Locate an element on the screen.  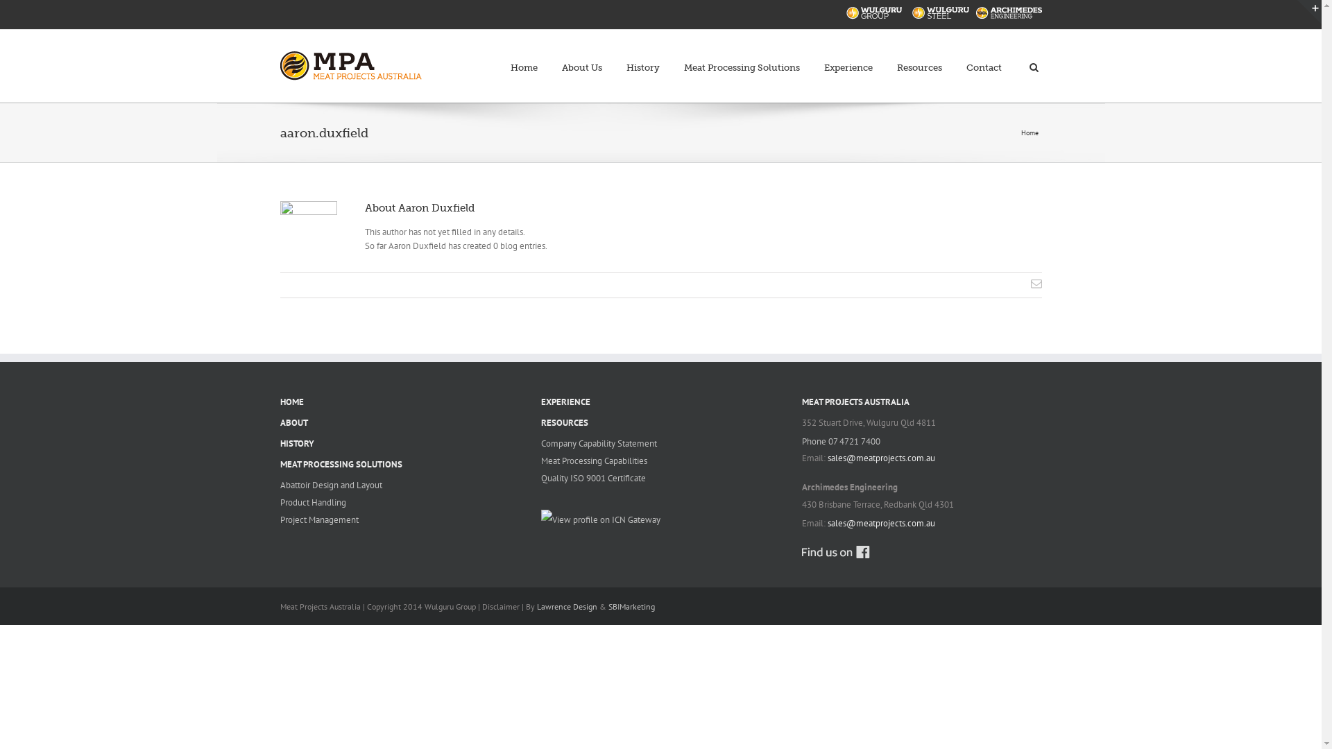
'Lawrence Design' is located at coordinates (567, 605).